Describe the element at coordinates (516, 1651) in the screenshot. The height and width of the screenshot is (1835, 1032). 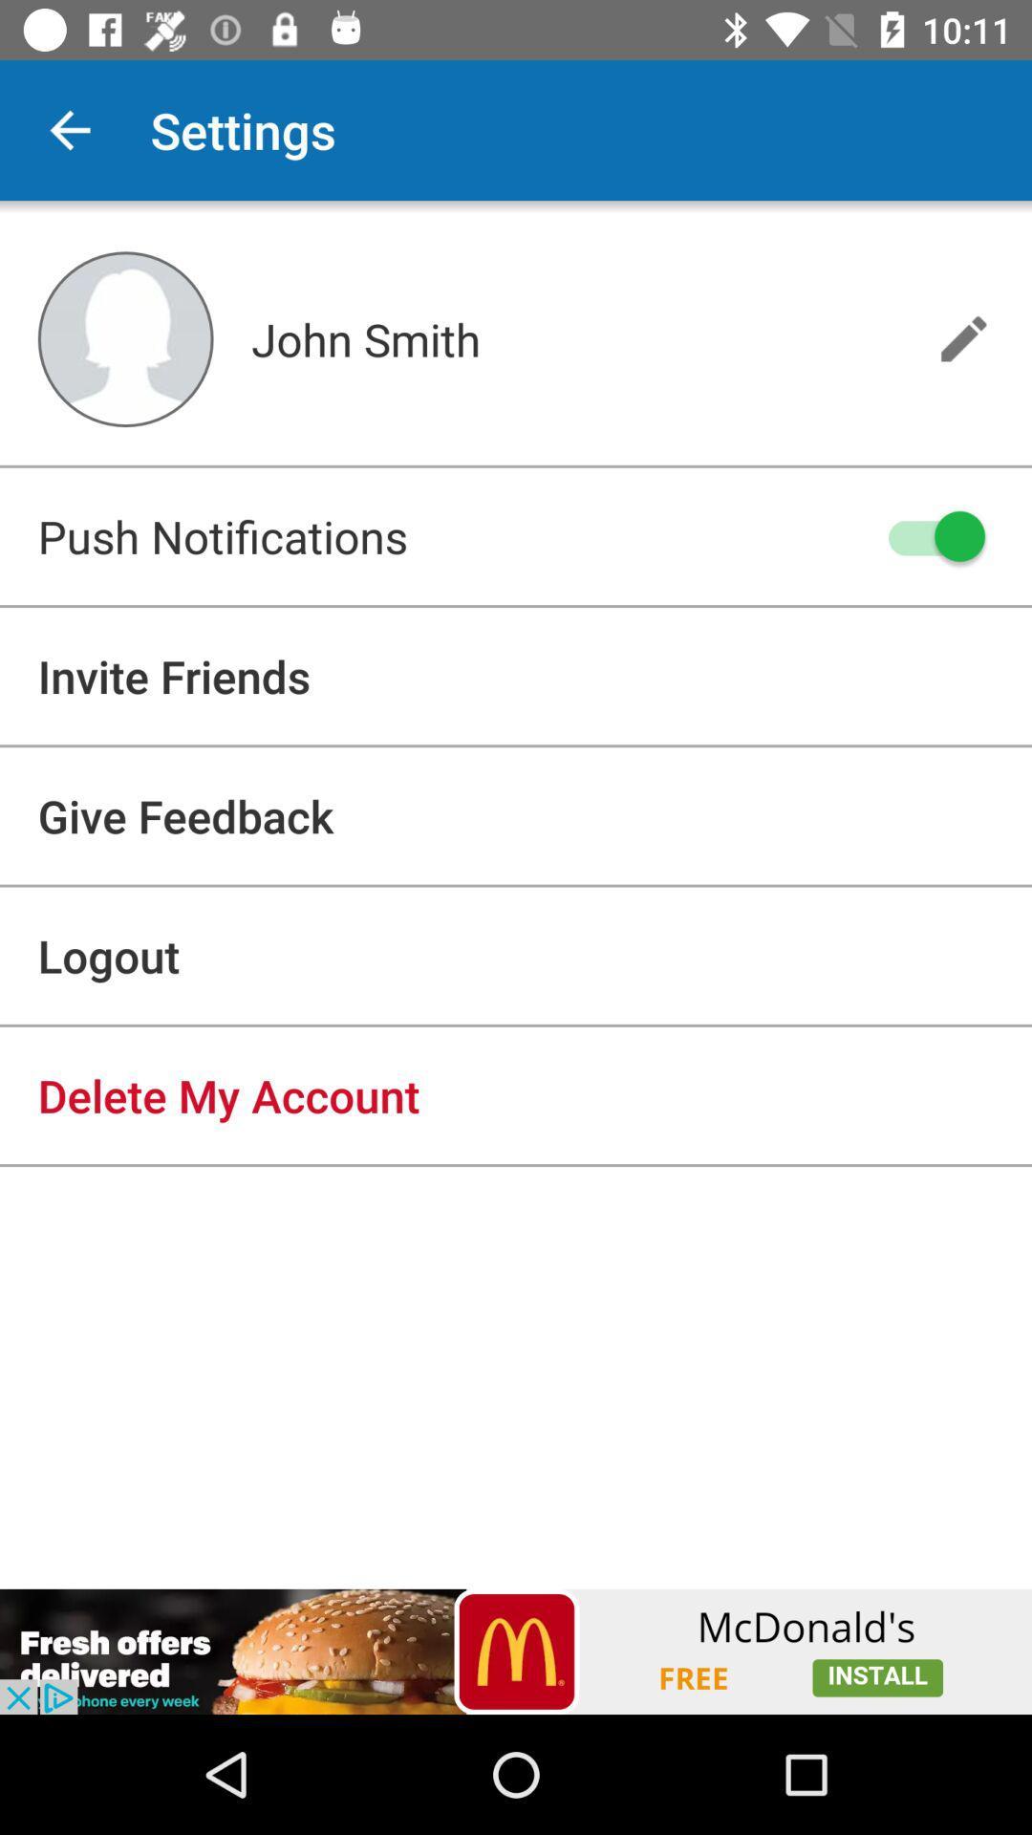
I see `advertisement` at that location.